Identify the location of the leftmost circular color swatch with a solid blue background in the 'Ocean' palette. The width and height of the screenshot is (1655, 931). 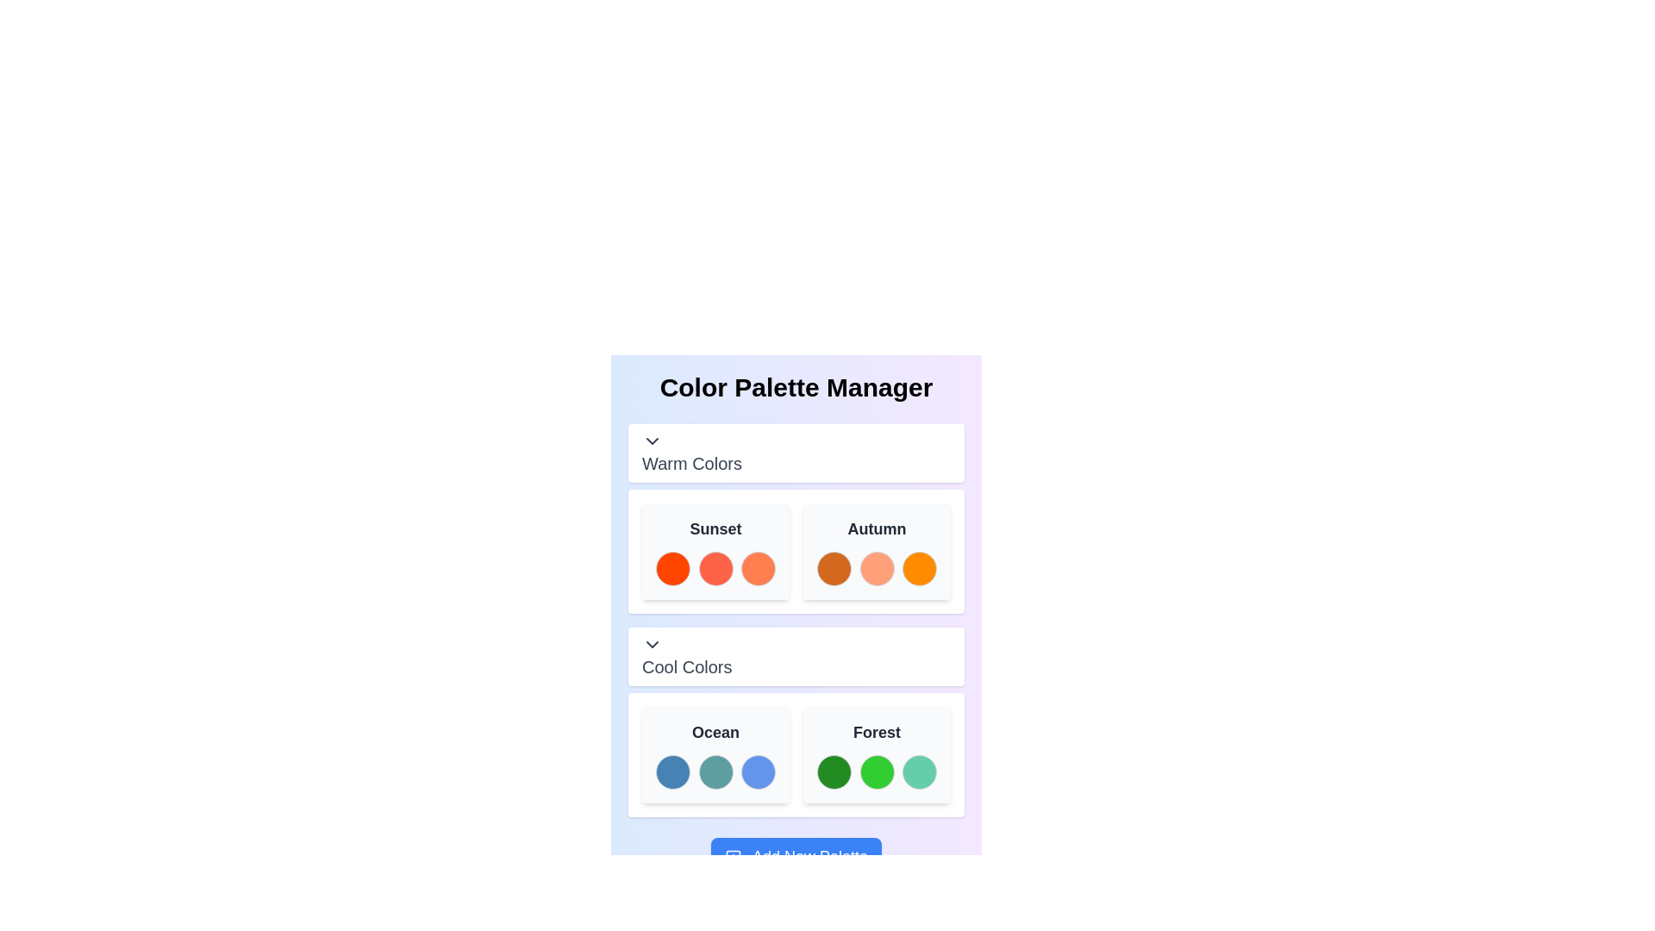
(672, 771).